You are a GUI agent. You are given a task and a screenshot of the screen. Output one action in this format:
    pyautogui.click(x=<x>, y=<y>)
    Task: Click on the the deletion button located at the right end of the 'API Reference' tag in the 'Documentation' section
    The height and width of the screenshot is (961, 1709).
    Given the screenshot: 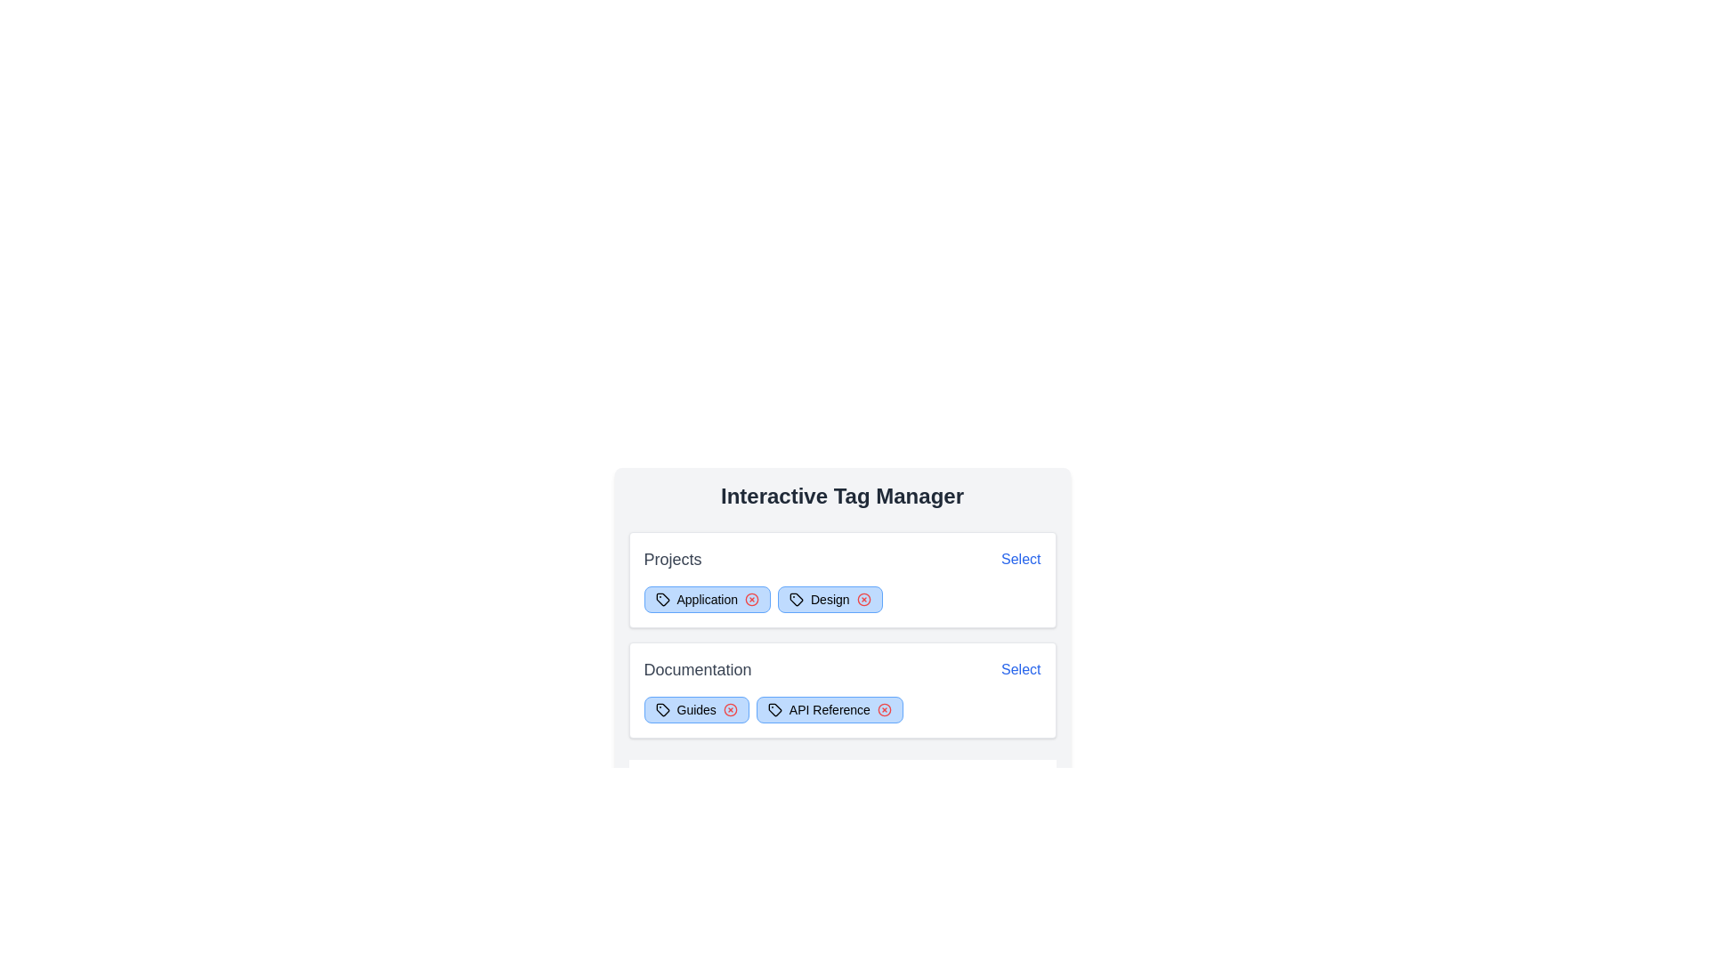 What is the action you would take?
    pyautogui.click(x=884, y=709)
    